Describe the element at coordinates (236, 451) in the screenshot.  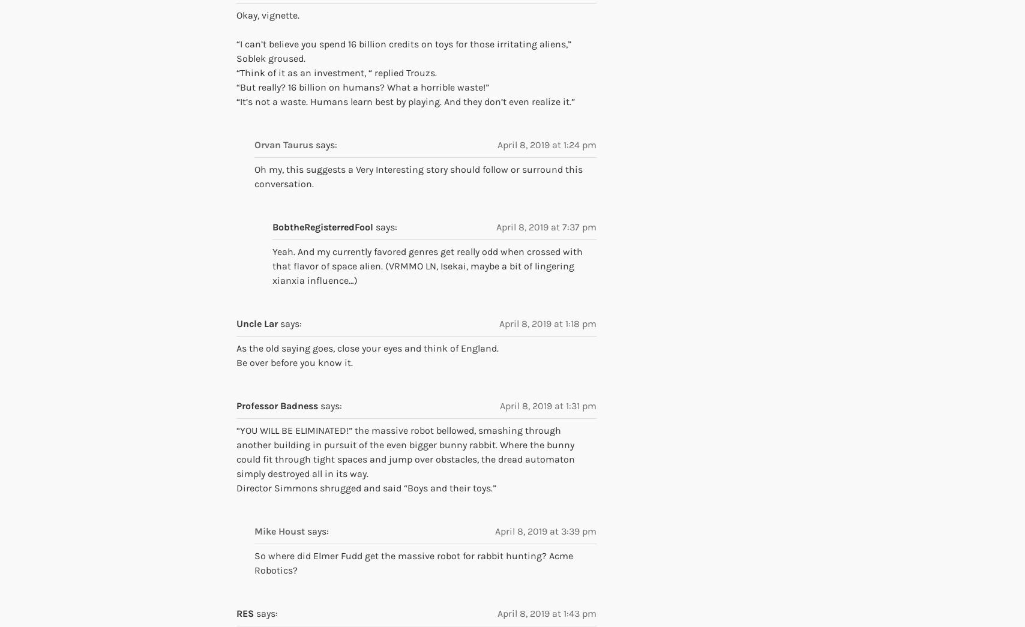
I see `'“YOU WILL BE ELIMINATED!” the massive robot bellowed, smashing through another building in pursuit of the even bigger bunny rabbit.  Where the bunny could fit through tight spaces and jump over obstacles, the dread automaton simply destroyed all in its way.'` at that location.